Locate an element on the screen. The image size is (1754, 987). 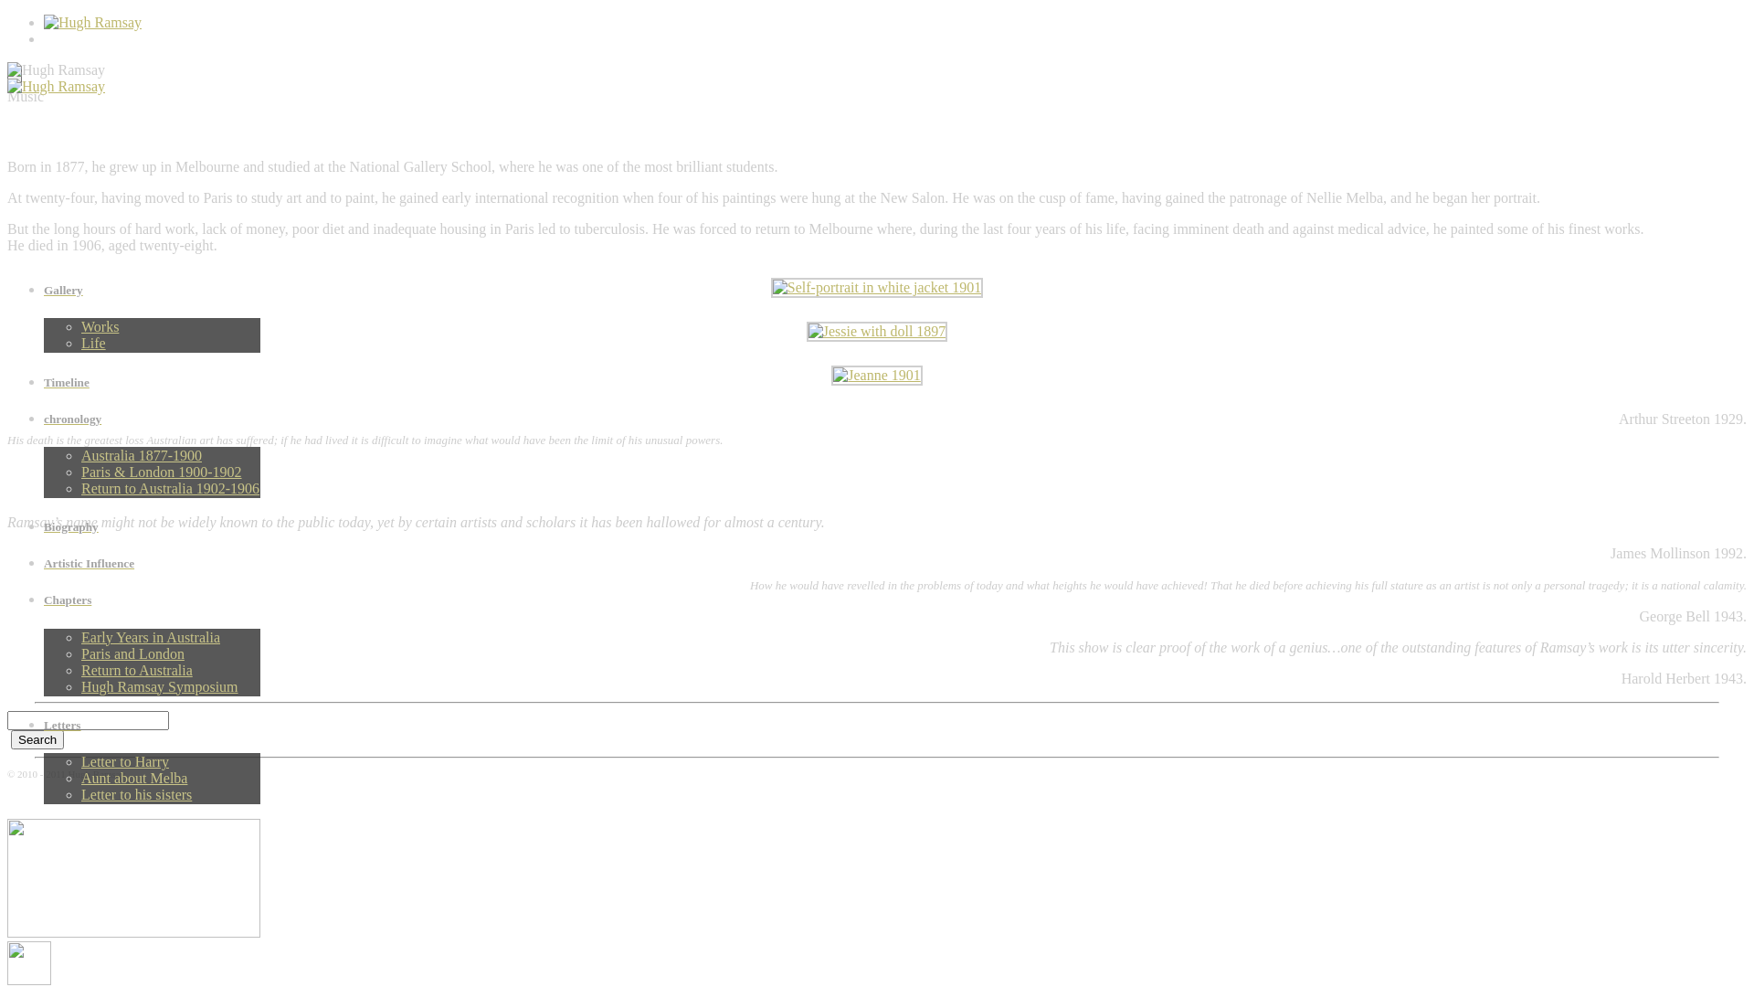
'chronology' is located at coordinates (152, 419).